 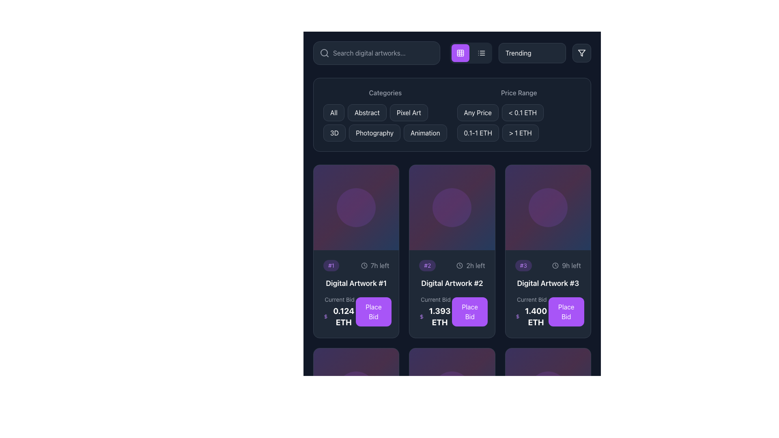 What do you see at coordinates (471, 53) in the screenshot?
I see `the Toggle group containing two buttons to switch between grid and list views, located near the top of the interface between the search bar and the dropdown menu labeled 'Trending'` at bounding box center [471, 53].